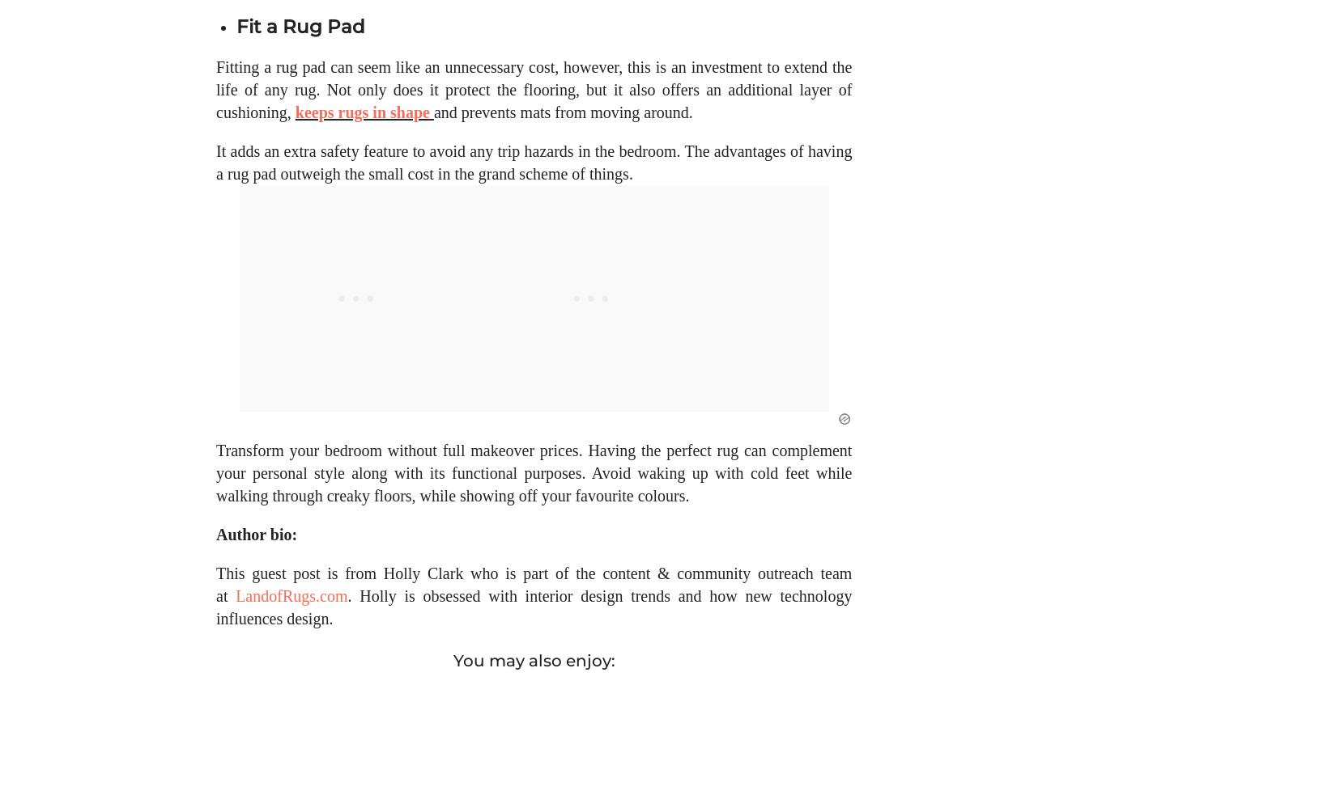 The image size is (1336, 812). Describe the element at coordinates (236, 612) in the screenshot. I see `'LandofRugs.com'` at that location.